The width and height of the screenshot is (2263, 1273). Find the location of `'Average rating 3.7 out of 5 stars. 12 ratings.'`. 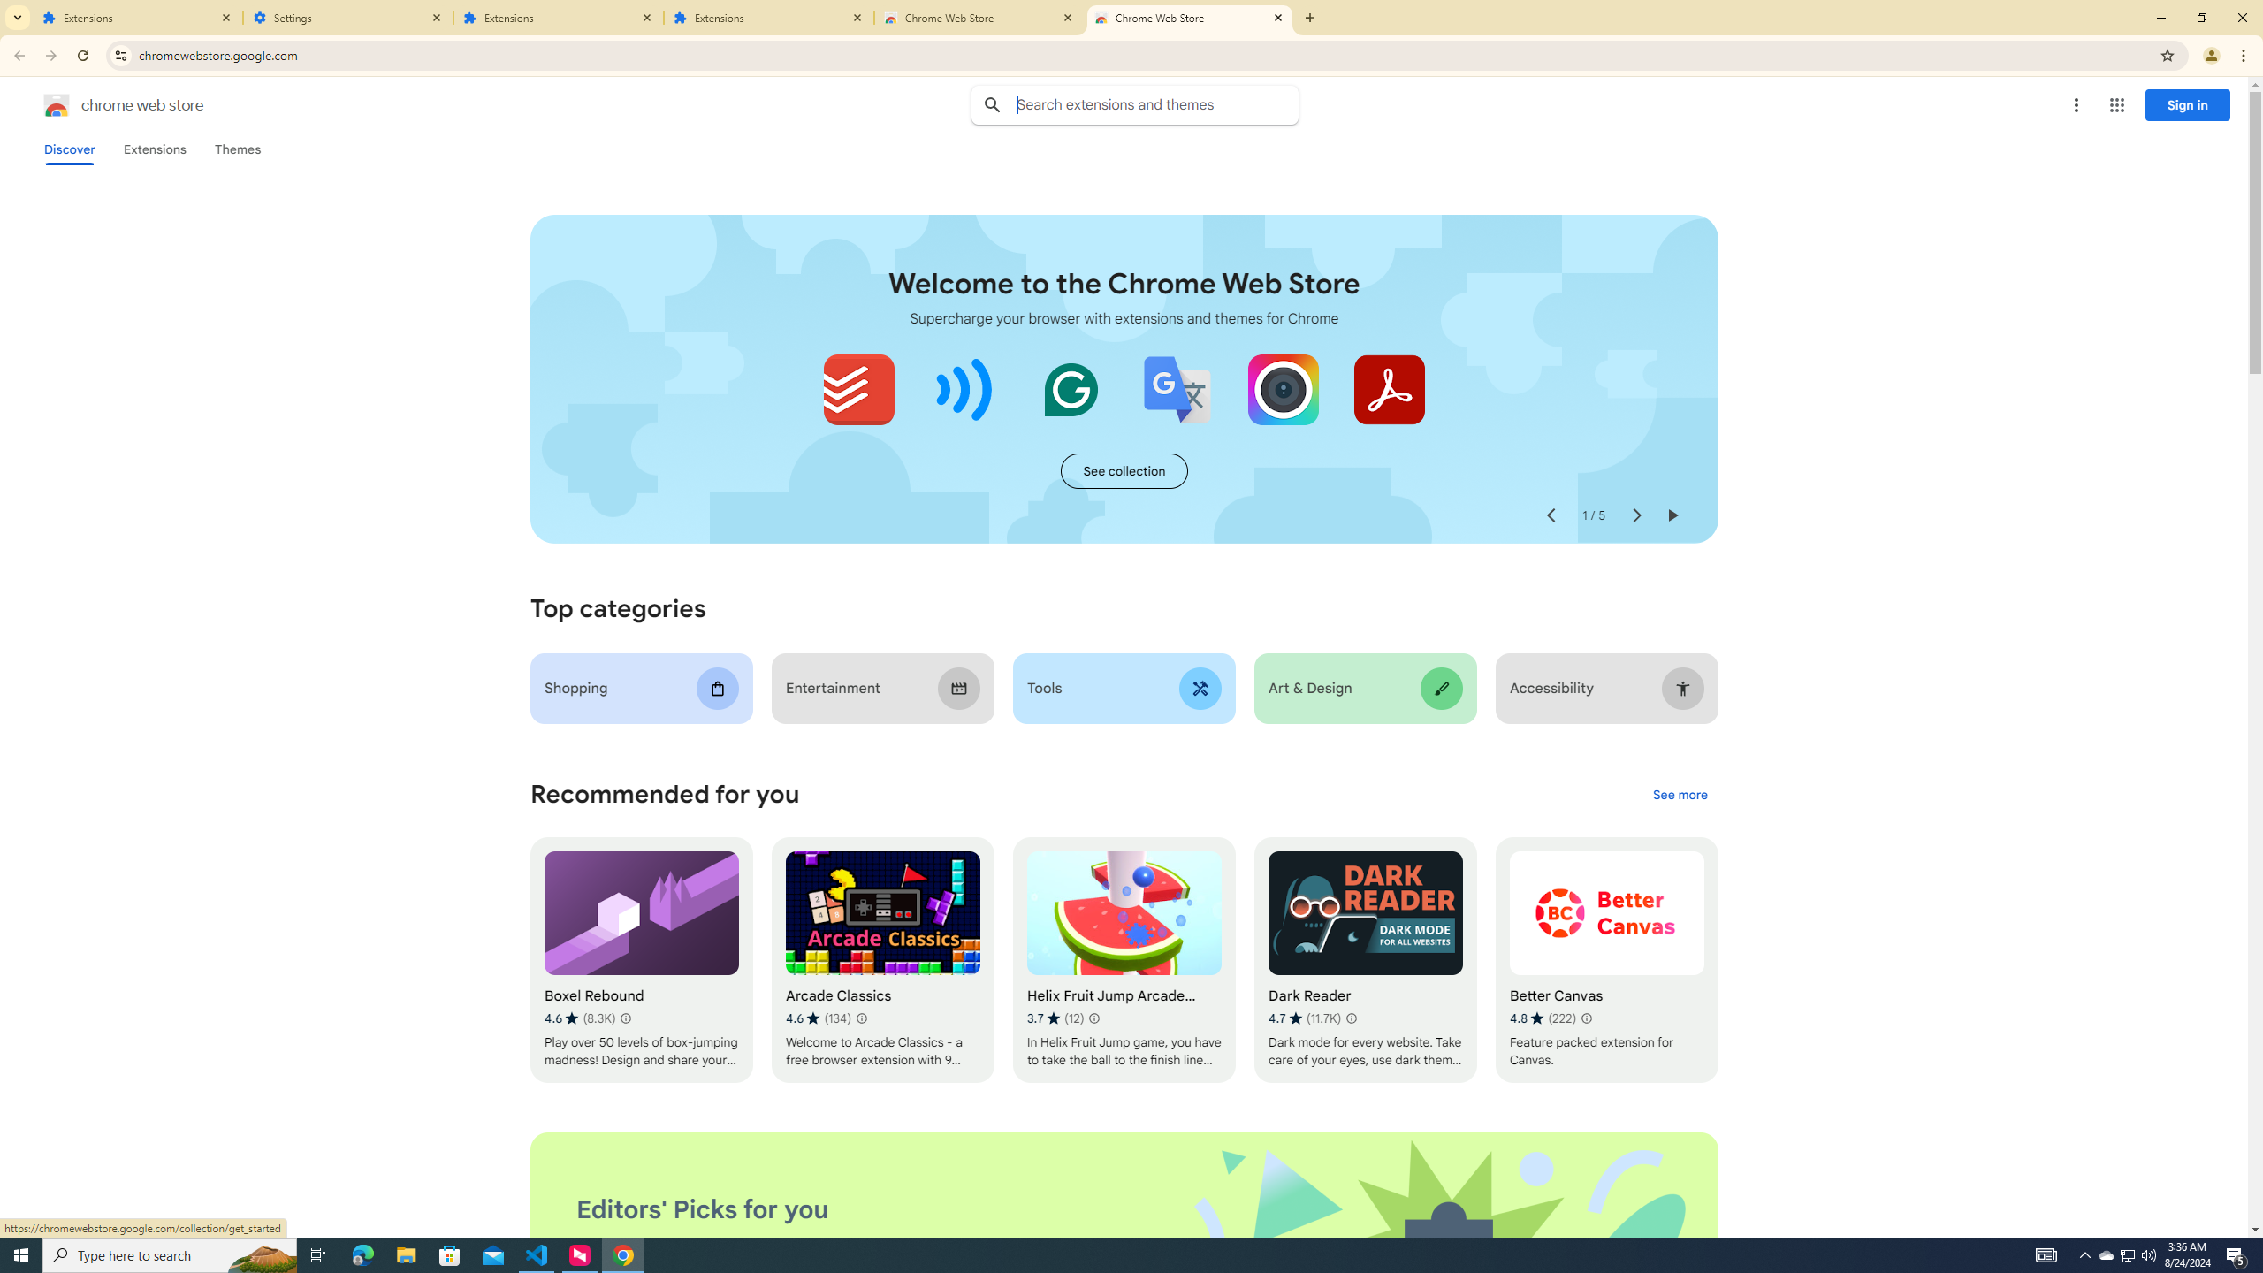

'Average rating 3.7 out of 5 stars. 12 ratings.' is located at coordinates (1055, 1018).